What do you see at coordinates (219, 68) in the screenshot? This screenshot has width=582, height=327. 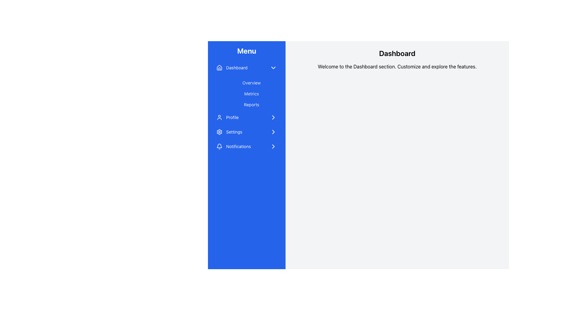 I see `the 'Dashboard' icon in the left-hand navigation menu, which is the first icon under the 'Menu' title and located to the left of the 'Dashboard' text` at bounding box center [219, 68].